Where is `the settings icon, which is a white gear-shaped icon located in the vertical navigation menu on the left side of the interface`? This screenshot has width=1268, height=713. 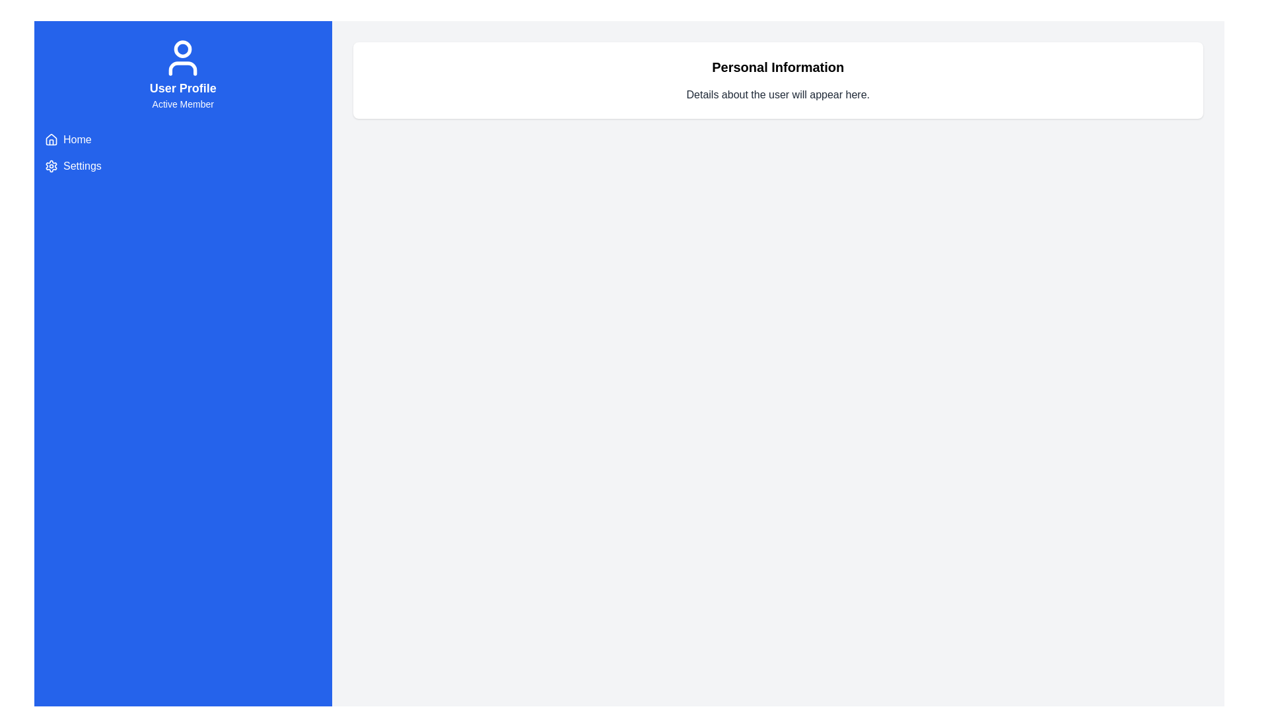 the settings icon, which is a white gear-shaped icon located in the vertical navigation menu on the left side of the interface is located at coordinates (51, 165).